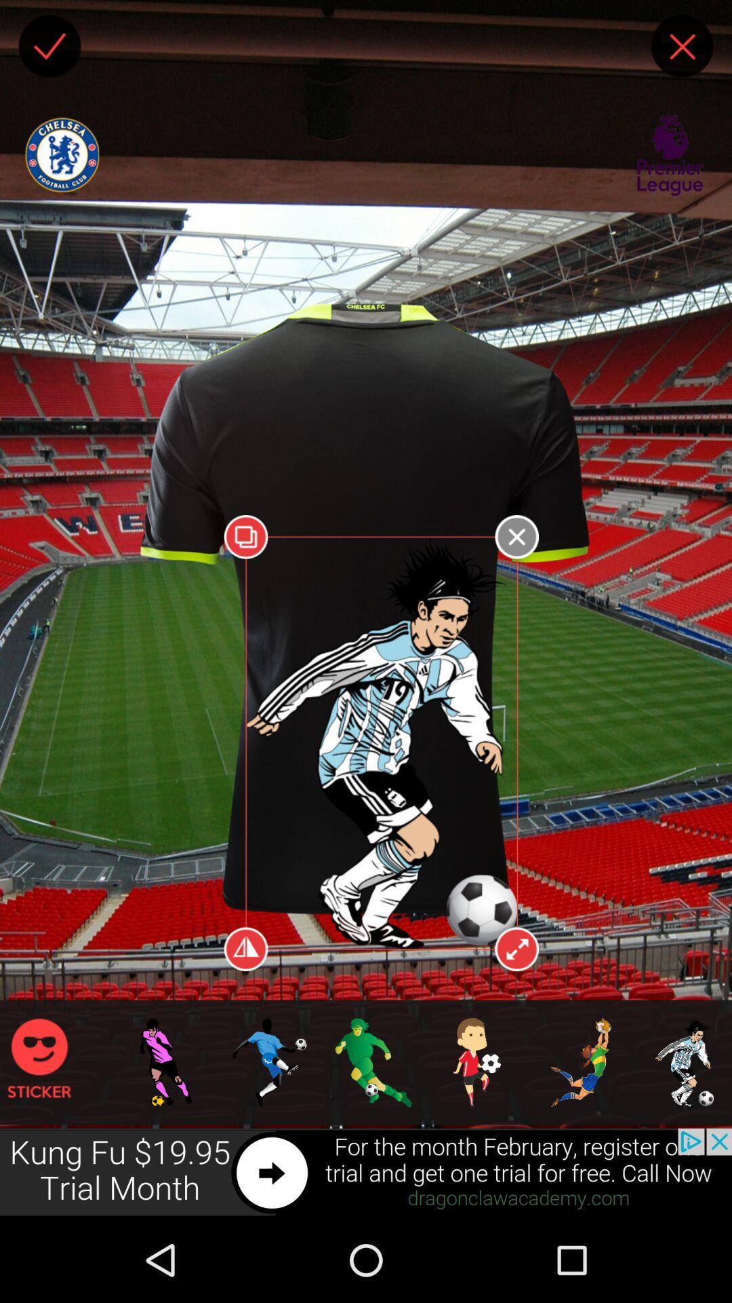 The width and height of the screenshot is (732, 1303). What do you see at coordinates (133, 867) in the screenshot?
I see `football shirt` at bounding box center [133, 867].